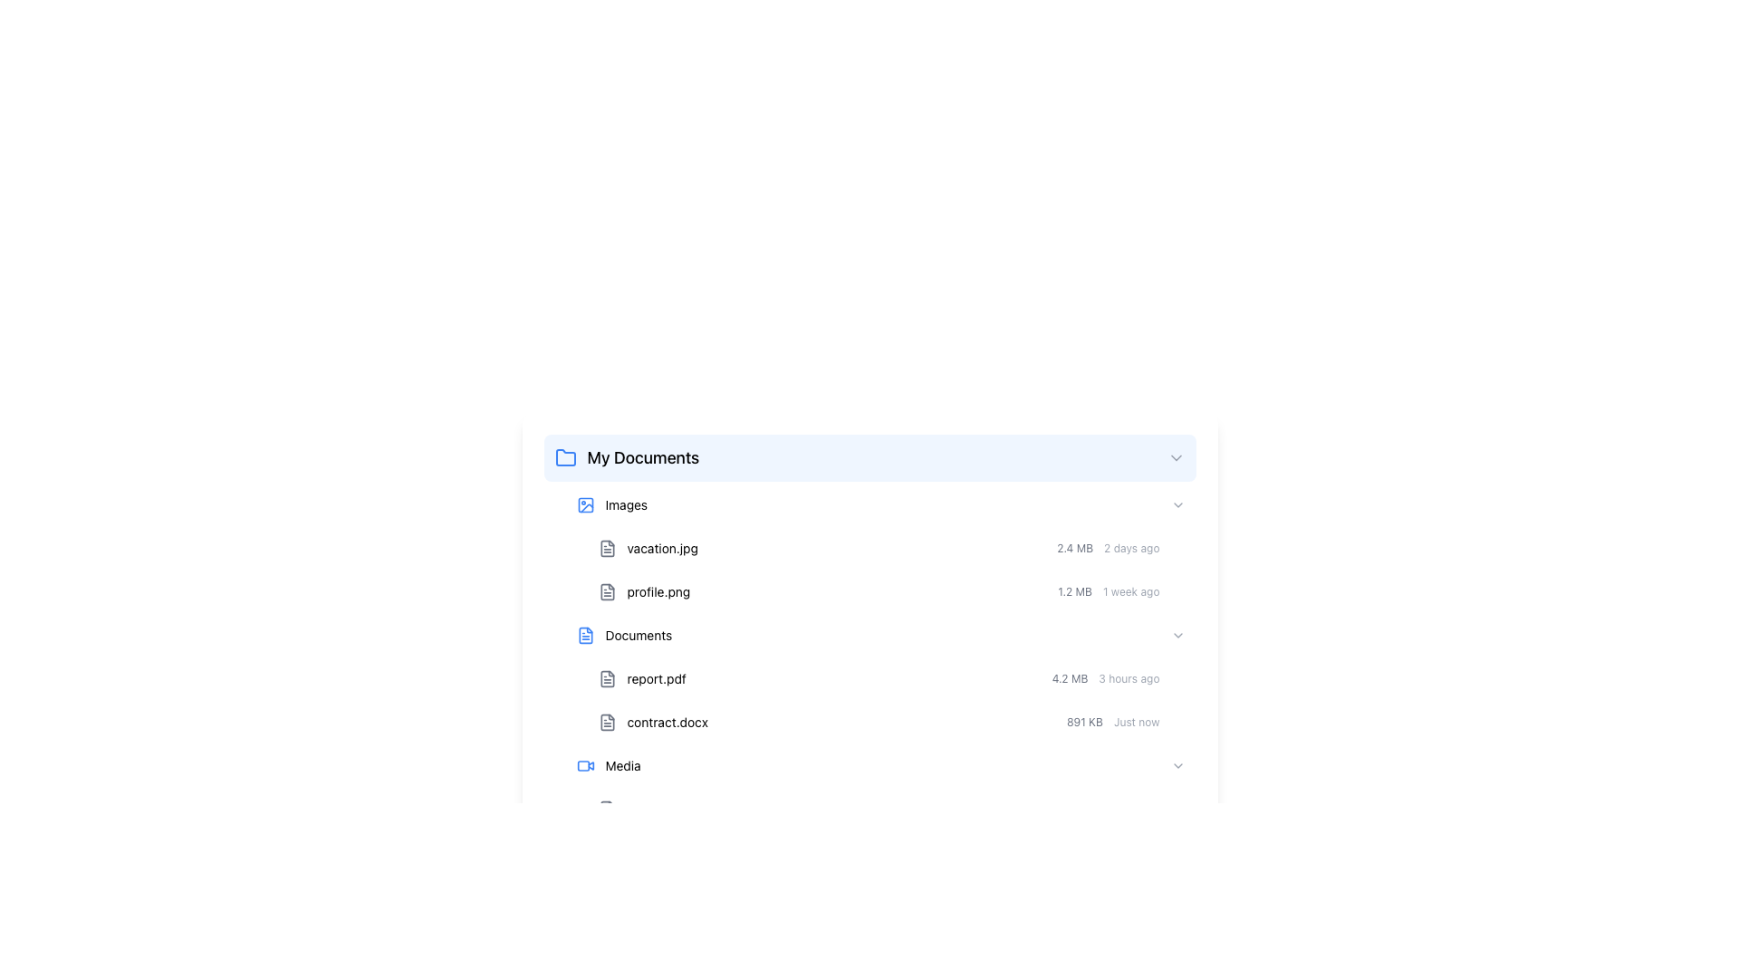 Image resolution: width=1739 pixels, height=978 pixels. I want to click on the text label displaying the file name located, so click(661, 547).